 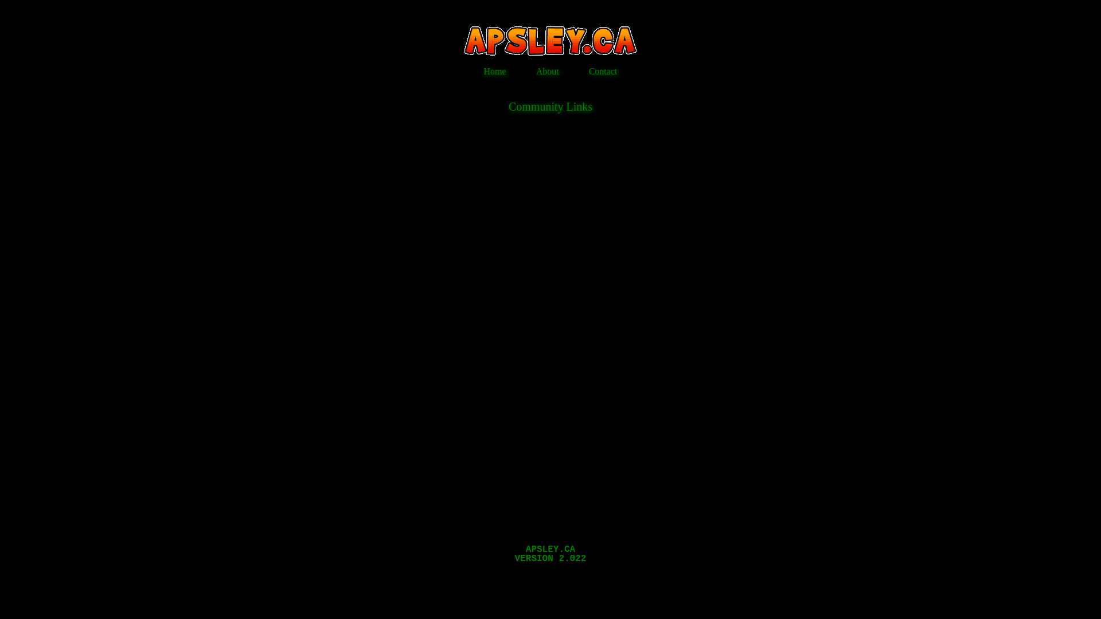 I want to click on 'Contact', so click(x=602, y=71).